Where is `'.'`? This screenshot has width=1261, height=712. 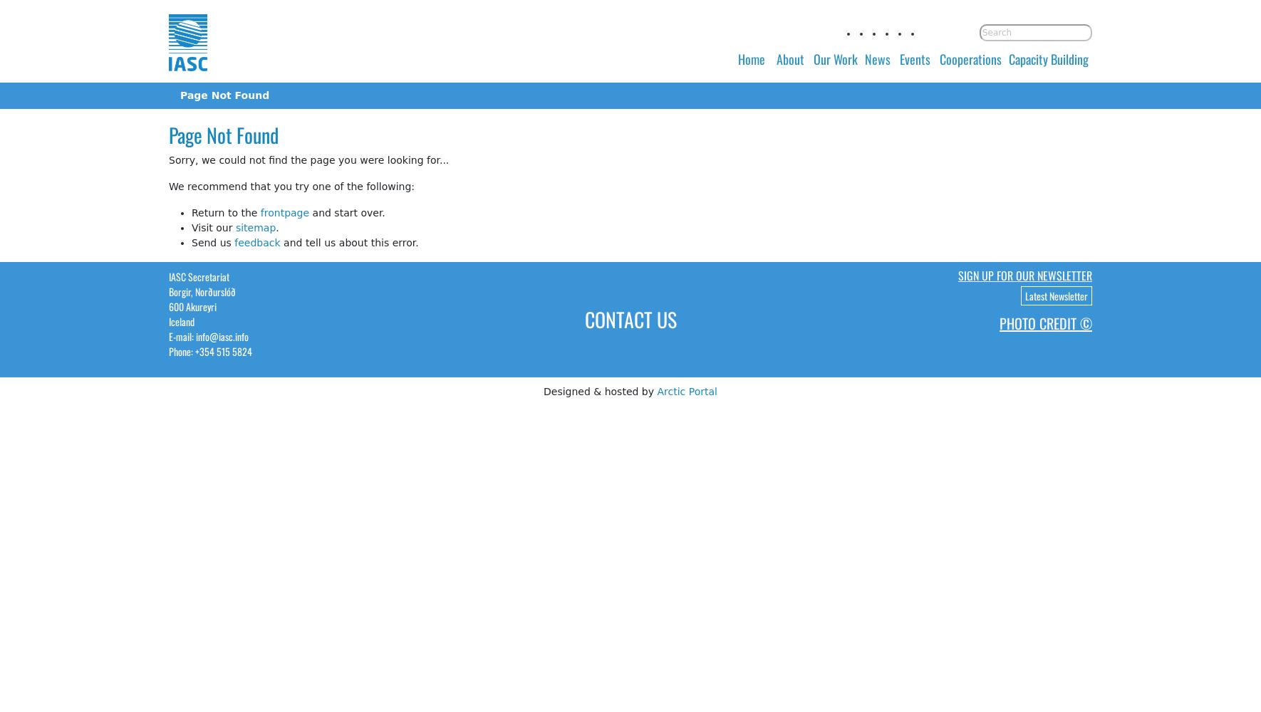
'.' is located at coordinates (276, 226).